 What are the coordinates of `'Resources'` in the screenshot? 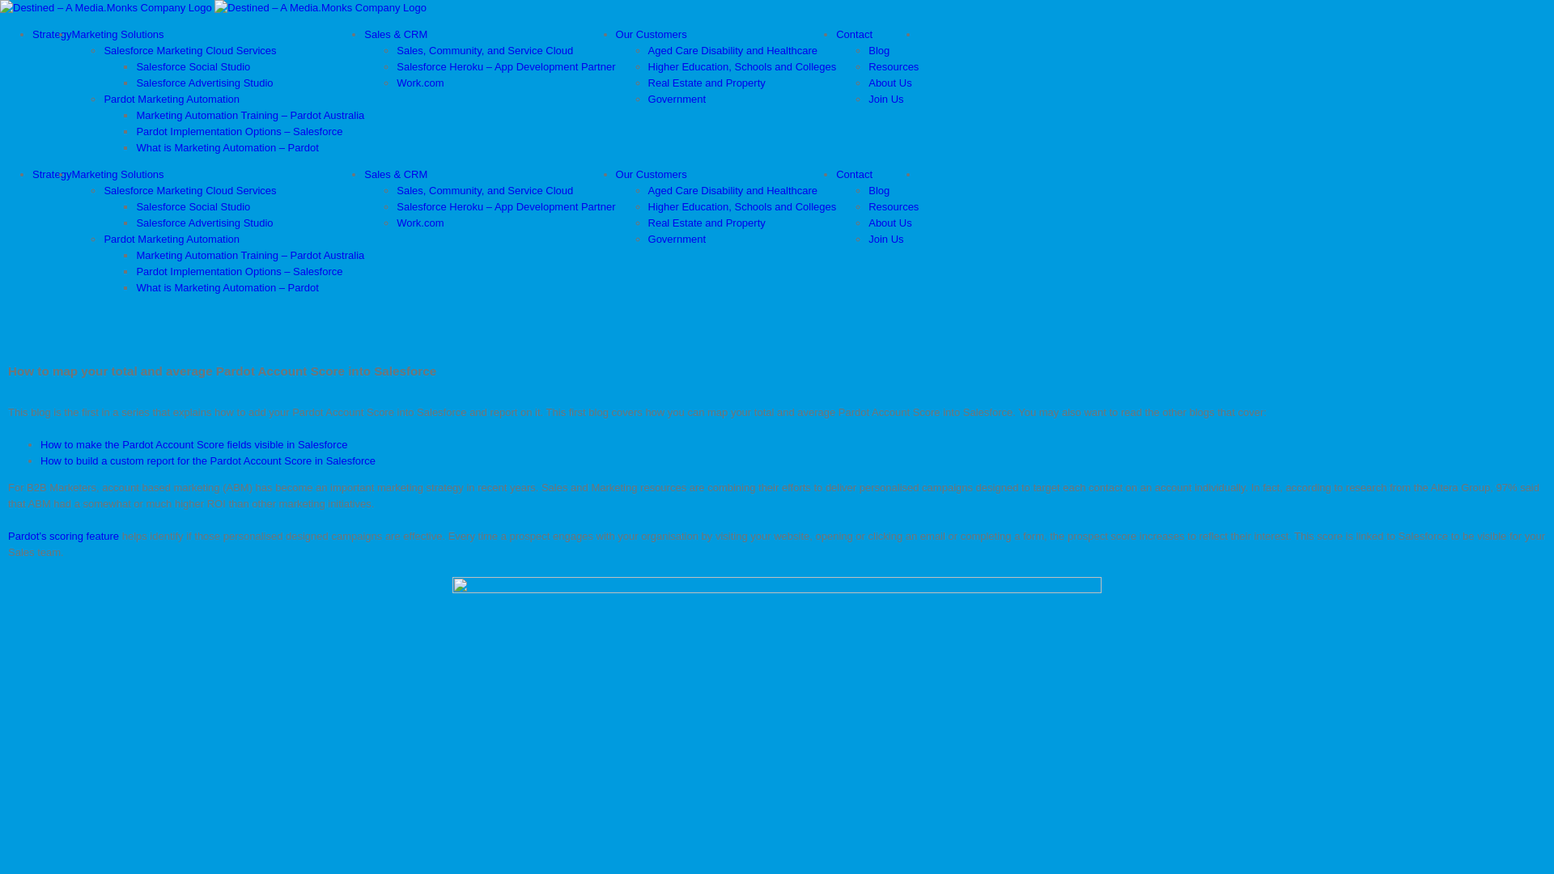 It's located at (893, 206).